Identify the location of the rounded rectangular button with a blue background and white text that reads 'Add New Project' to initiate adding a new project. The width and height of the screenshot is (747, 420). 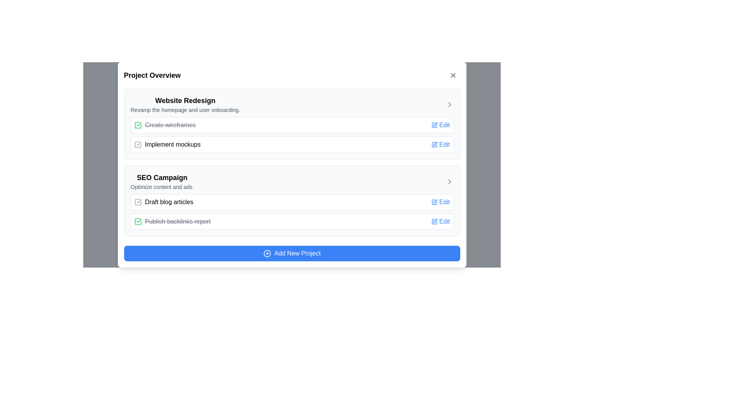
(291, 253).